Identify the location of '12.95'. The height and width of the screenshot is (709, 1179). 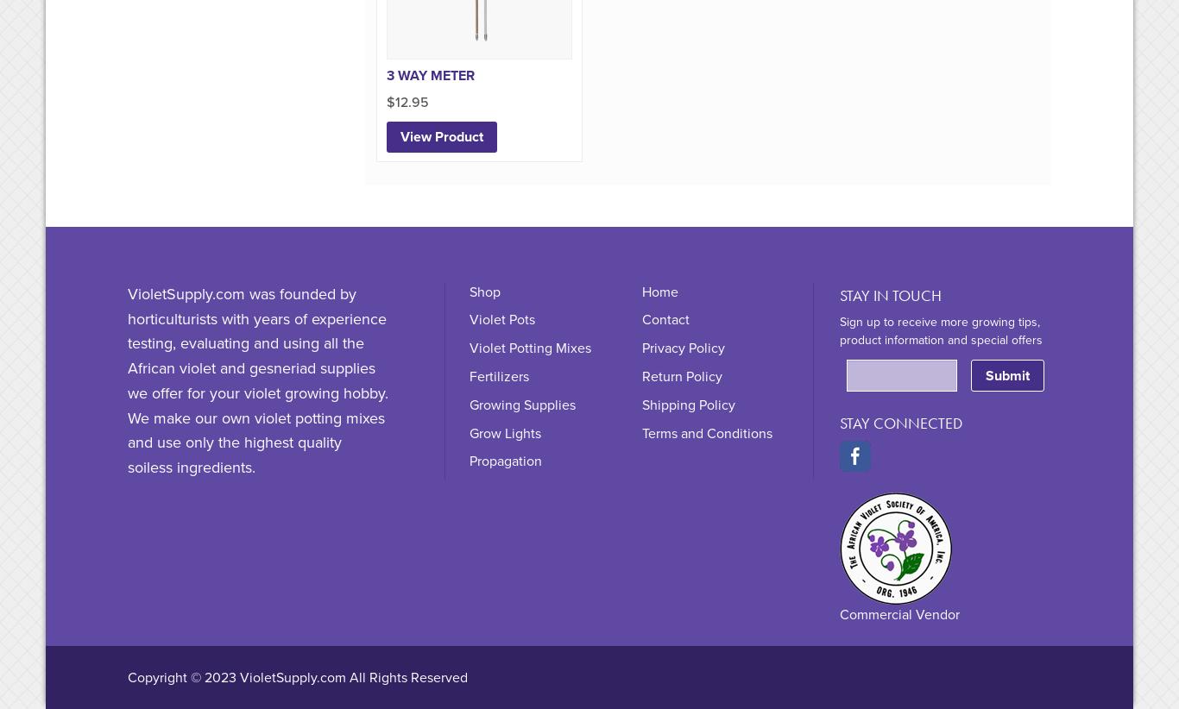
(411, 102).